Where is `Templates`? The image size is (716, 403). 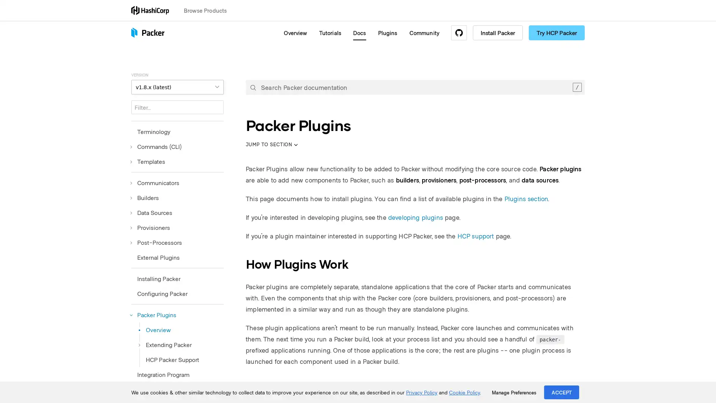 Templates is located at coordinates (148, 161).